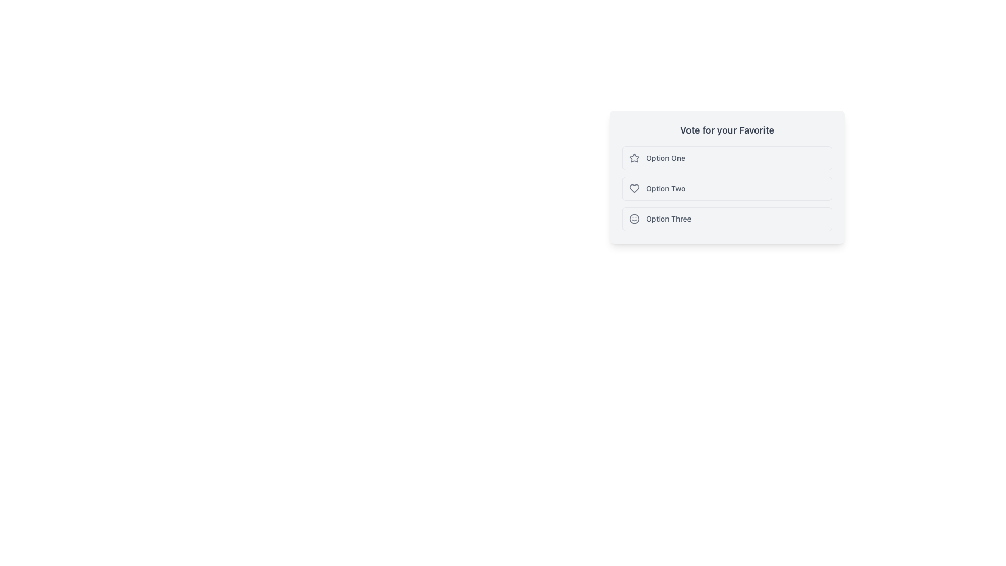 Image resolution: width=1006 pixels, height=566 pixels. Describe the element at coordinates (668, 218) in the screenshot. I see `text content of the label 'Option Three' located in the third row of a vertical list, positioned to the right of a smiley face icon` at that location.